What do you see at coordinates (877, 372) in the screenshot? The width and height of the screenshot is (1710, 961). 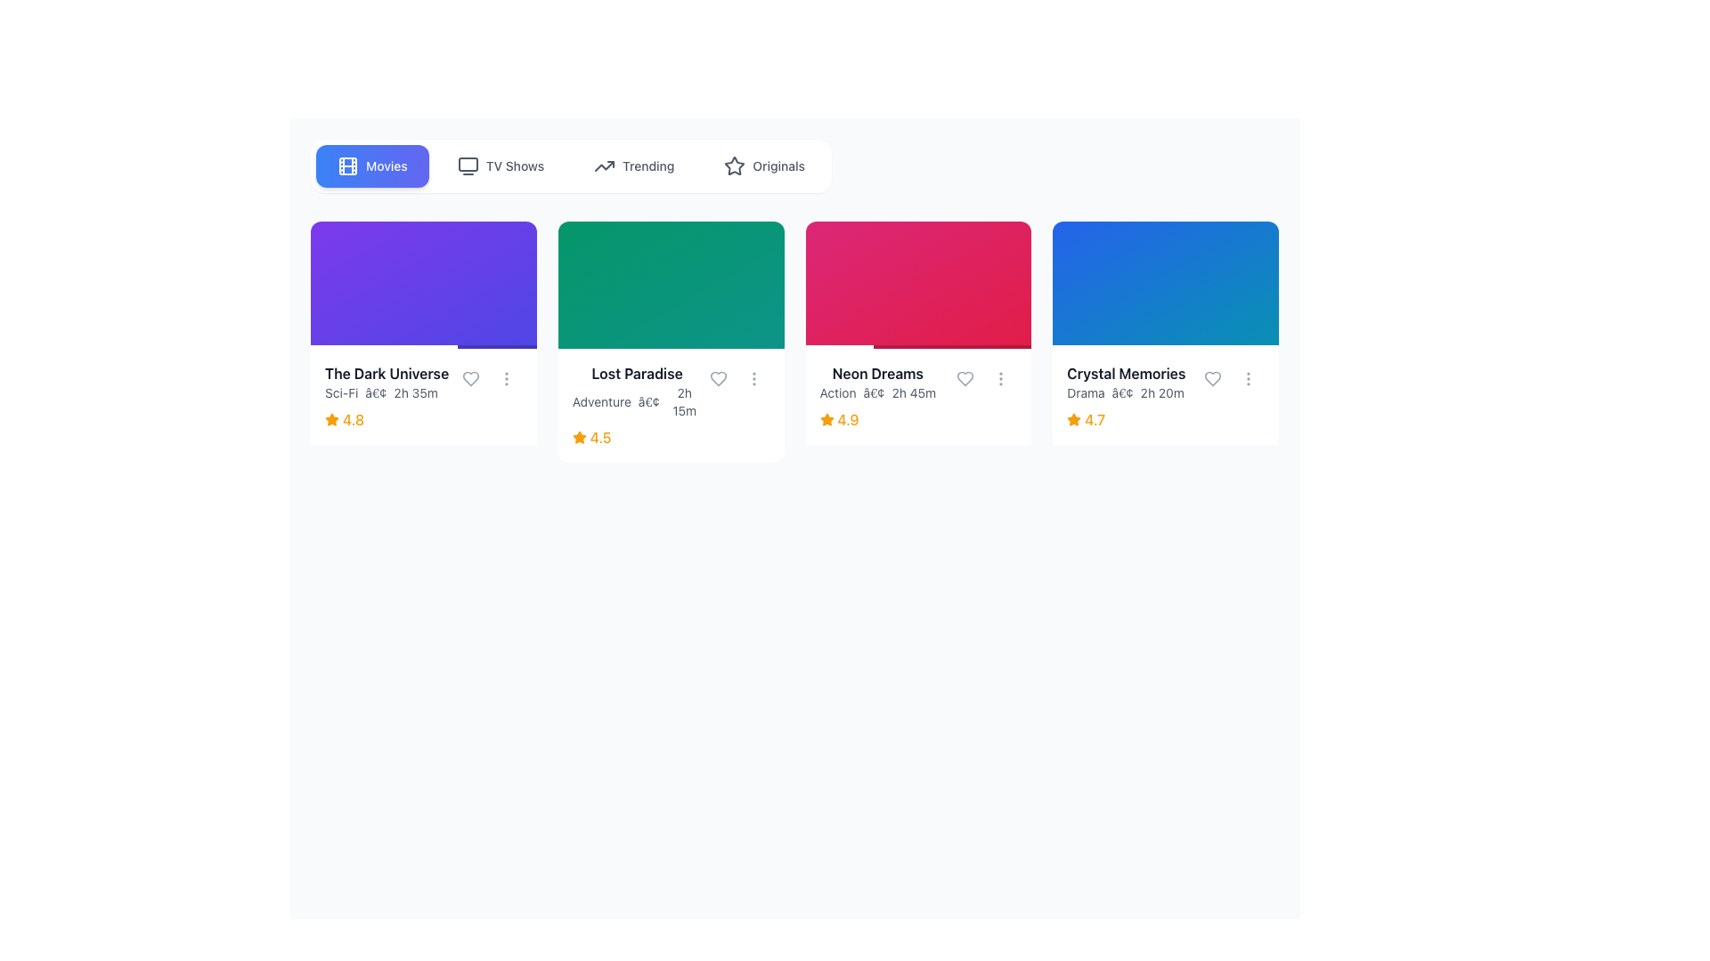 I see `the text label displaying 'Neon Dreams', which is styled in bold and prominently positioned in the upper section of the movie card` at bounding box center [877, 372].